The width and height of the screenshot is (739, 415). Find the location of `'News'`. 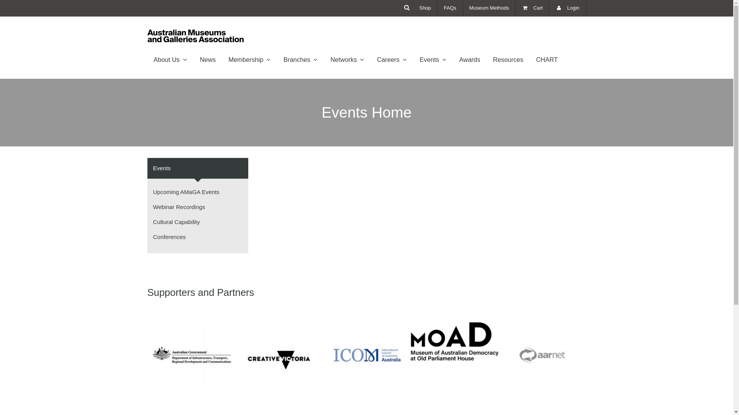

'News' is located at coordinates (207, 59).